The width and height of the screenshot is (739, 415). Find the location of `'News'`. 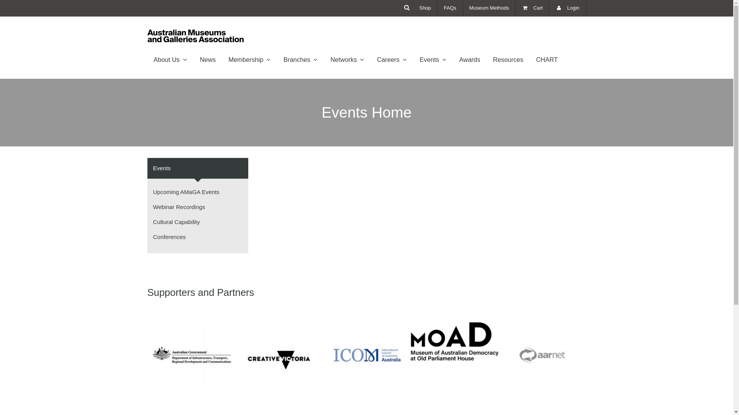

'News' is located at coordinates (207, 59).